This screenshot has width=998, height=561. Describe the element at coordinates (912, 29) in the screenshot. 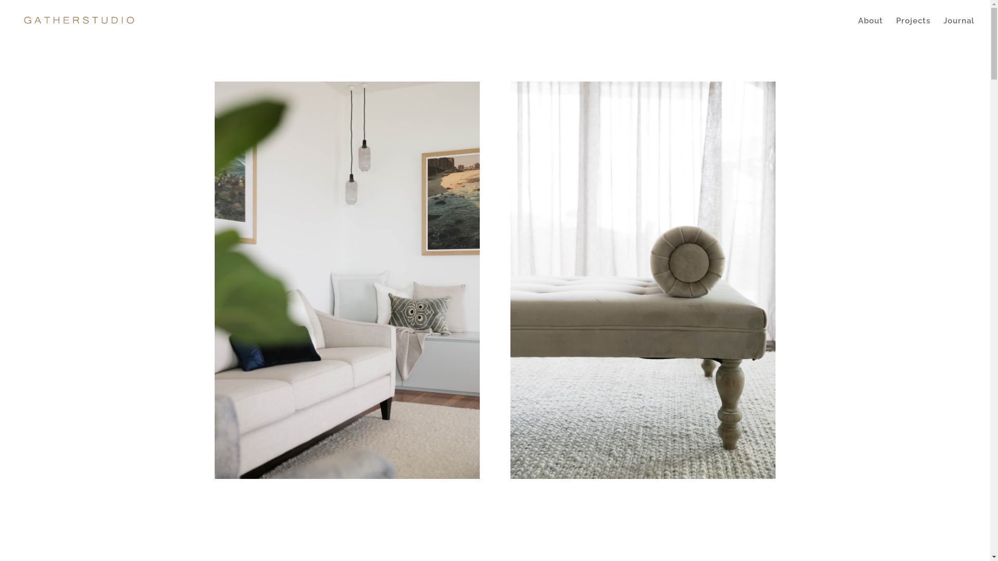

I see `'Projects'` at that location.